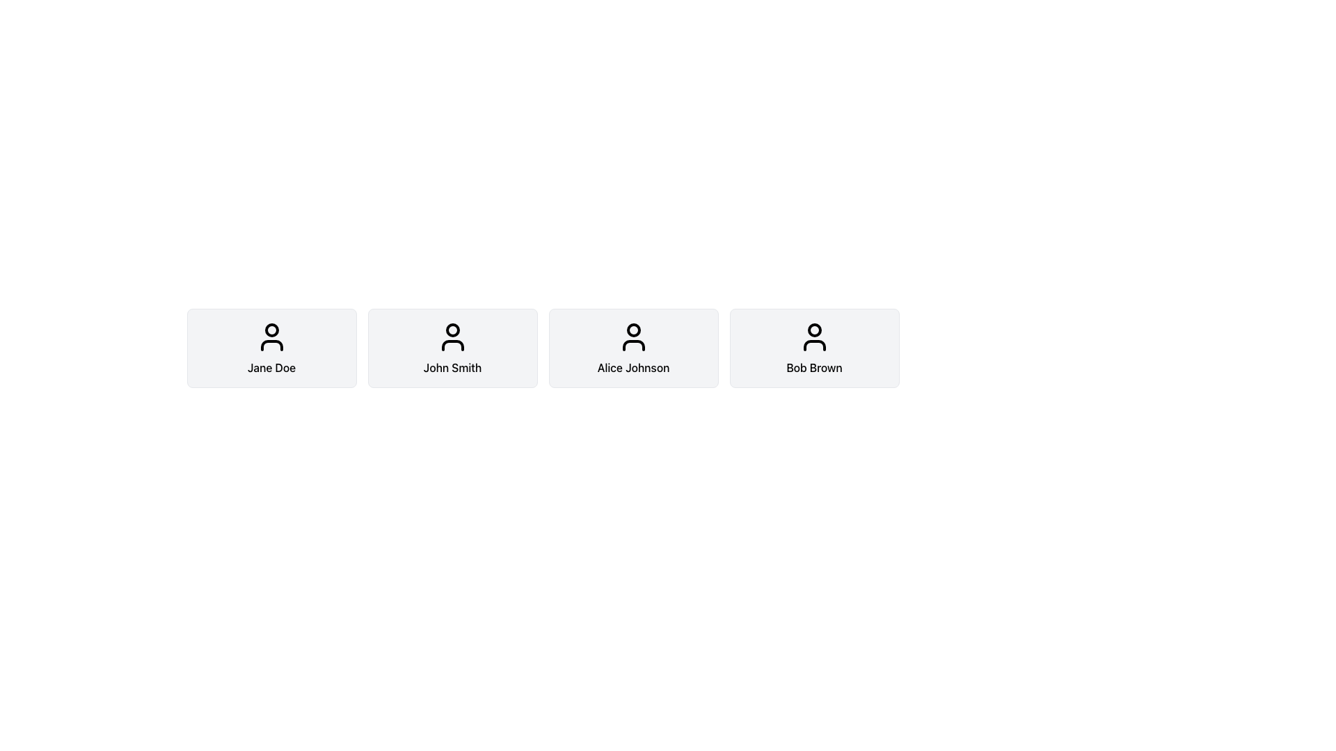 The width and height of the screenshot is (1336, 751). I want to click on the user representation icon for 'Bob Brown', so click(814, 337).